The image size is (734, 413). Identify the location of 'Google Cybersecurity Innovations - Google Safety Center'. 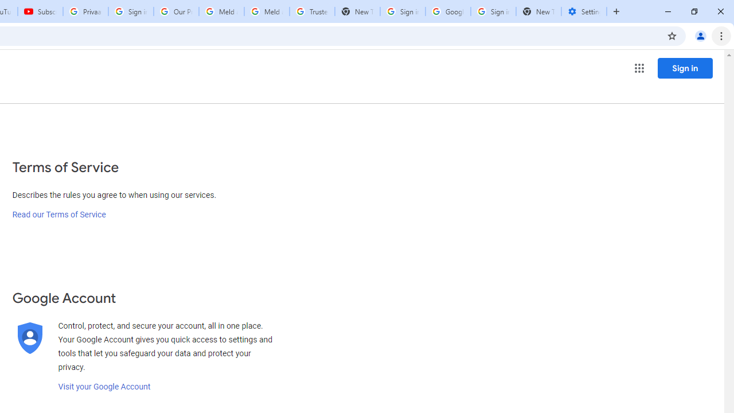
(447, 11).